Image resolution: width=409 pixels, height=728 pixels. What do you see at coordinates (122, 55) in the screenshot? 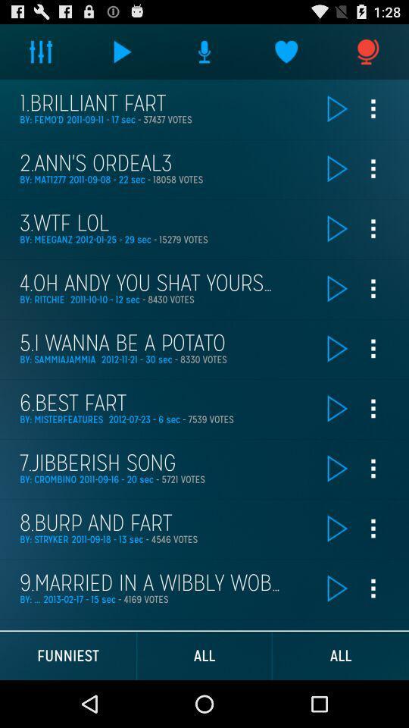
I see `the play icon` at bounding box center [122, 55].